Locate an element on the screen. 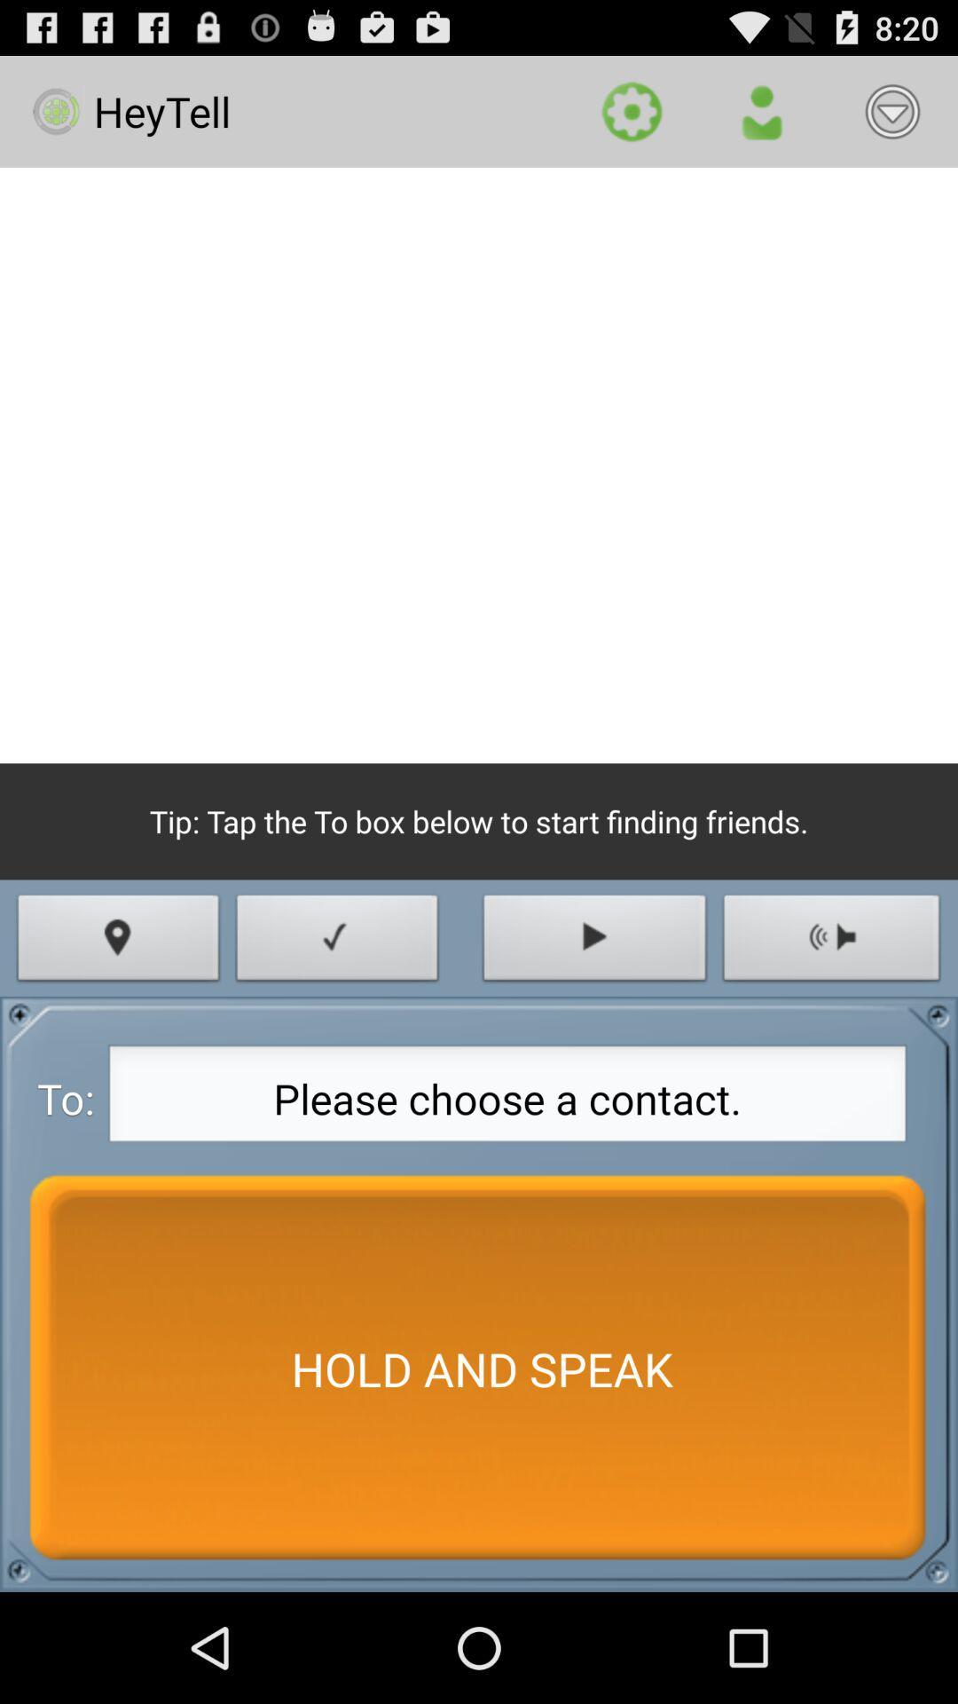 The width and height of the screenshot is (958, 1704). the icon to the right of heytell item is located at coordinates (631, 110).